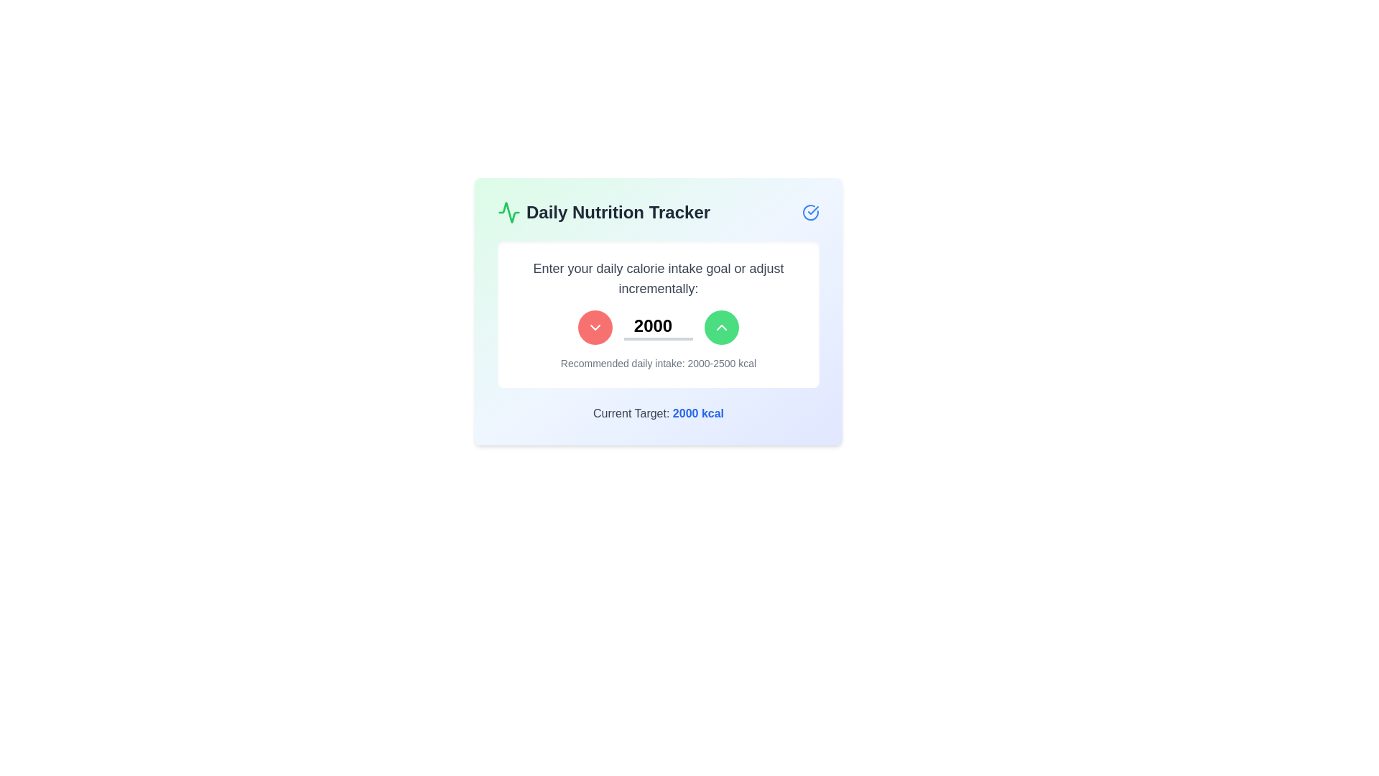  I want to click on the circular red button with a white chevron-like downwards arrow to decrement the value in the adjacent input field displaying '2000', so click(595, 327).